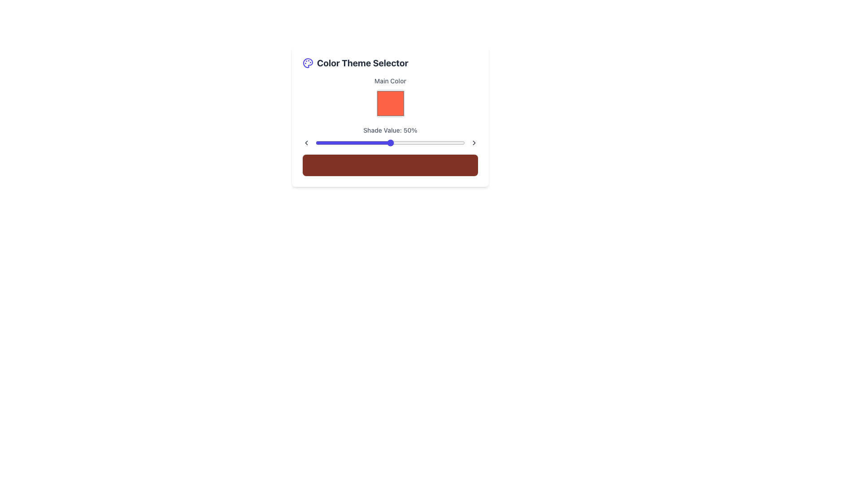 The height and width of the screenshot is (484, 861). Describe the element at coordinates (427, 143) in the screenshot. I see `the shade value` at that location.